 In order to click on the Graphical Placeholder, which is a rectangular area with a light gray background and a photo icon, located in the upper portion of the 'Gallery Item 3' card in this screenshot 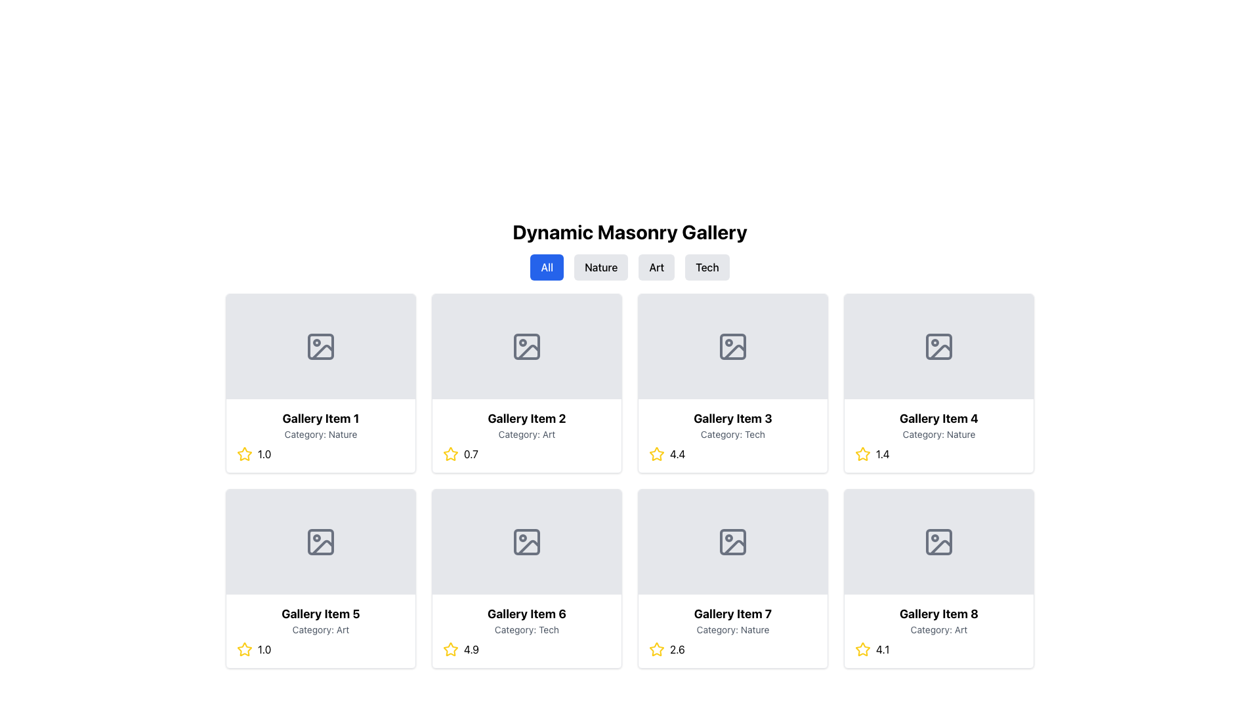, I will do `click(732, 345)`.